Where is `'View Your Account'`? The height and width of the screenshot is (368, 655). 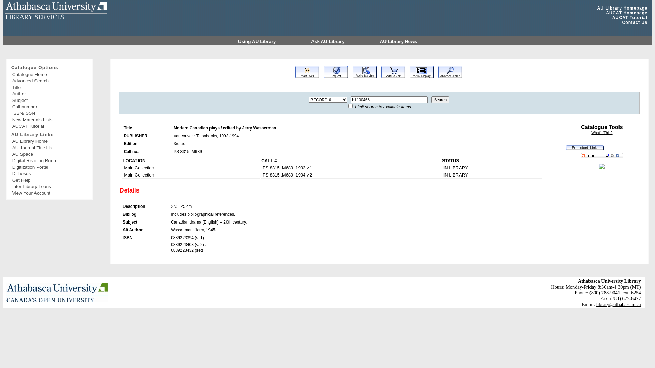 'View Your Account' is located at coordinates (50, 193).